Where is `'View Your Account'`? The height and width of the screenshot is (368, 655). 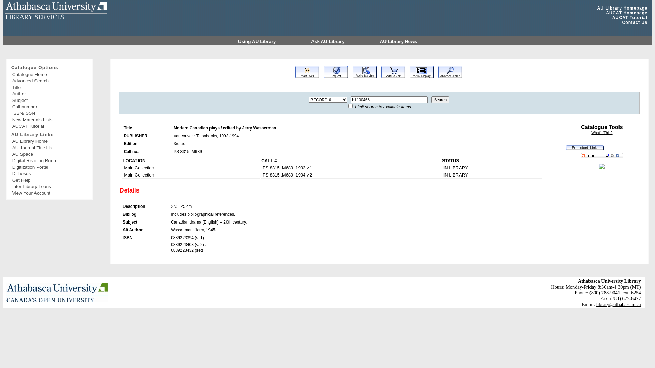 'View Your Account' is located at coordinates (50, 193).